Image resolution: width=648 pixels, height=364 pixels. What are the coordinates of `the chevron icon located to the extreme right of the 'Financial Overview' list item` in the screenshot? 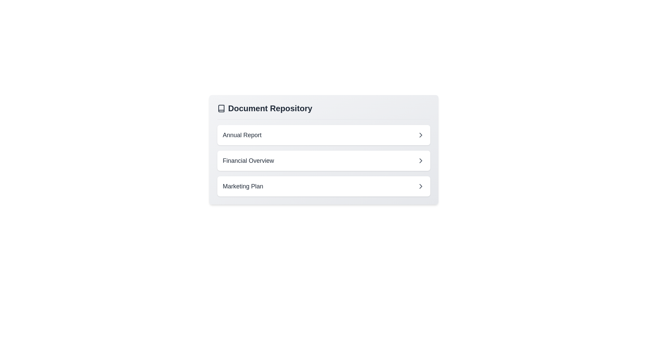 It's located at (421, 161).